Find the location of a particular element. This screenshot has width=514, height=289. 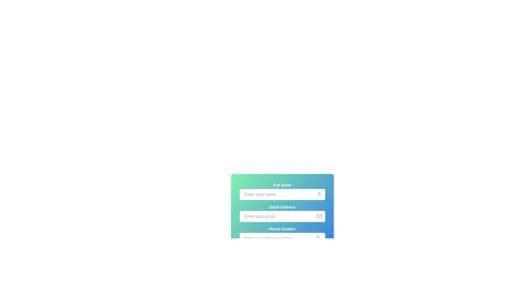

the 'Phone Number' input field by clicking on the phone icon located at the bottom-right corner of the input field is located at coordinates (319, 238).